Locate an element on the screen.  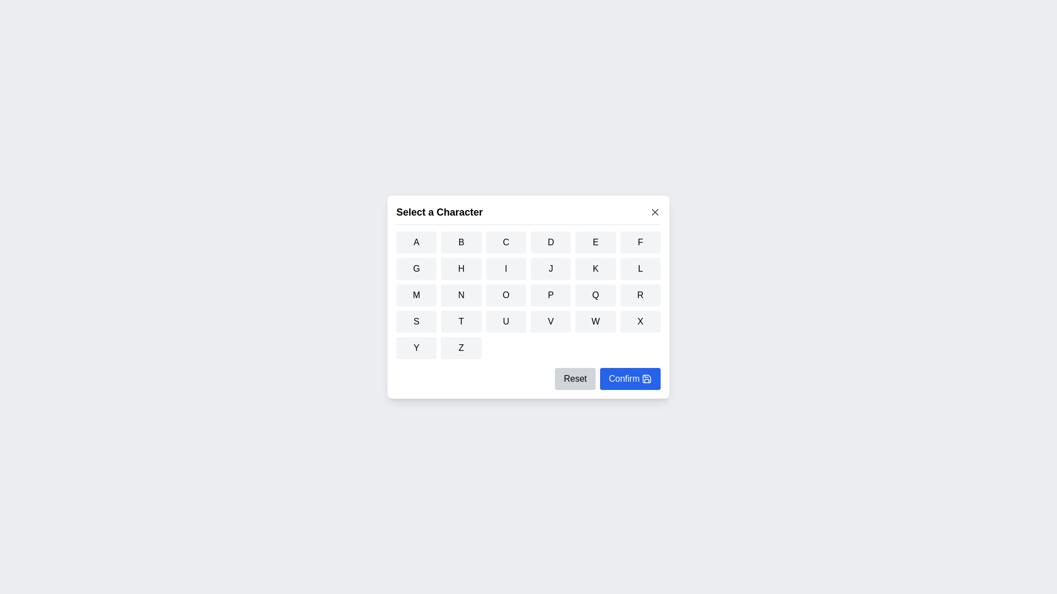
the button corresponding to the character G to select it is located at coordinates (415, 268).